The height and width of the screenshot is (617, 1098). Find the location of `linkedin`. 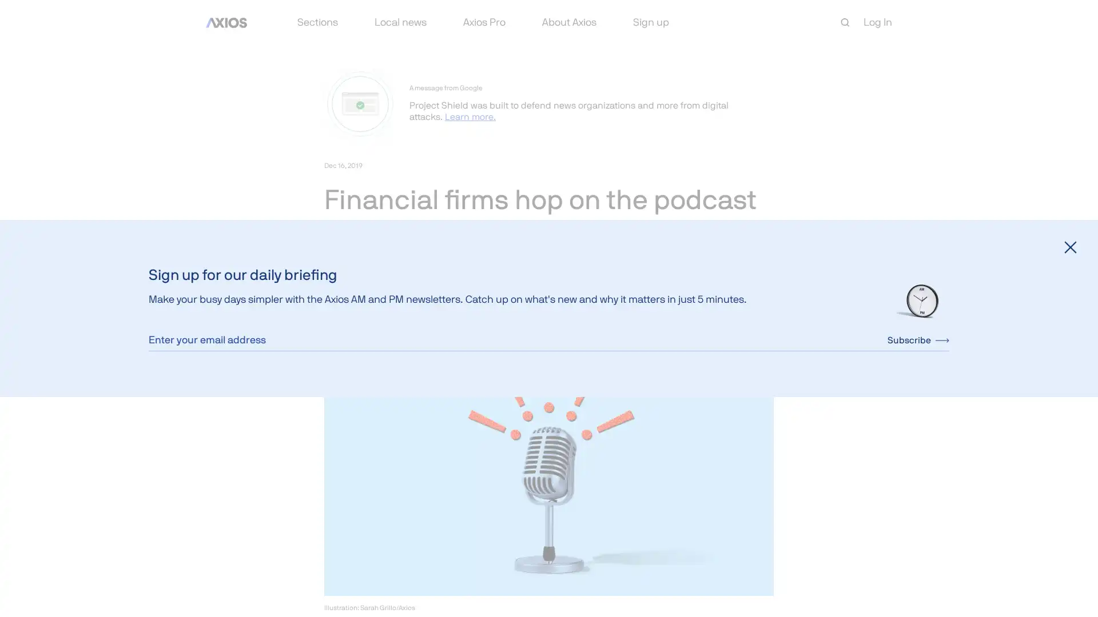

linkedin is located at coordinates (387, 310).